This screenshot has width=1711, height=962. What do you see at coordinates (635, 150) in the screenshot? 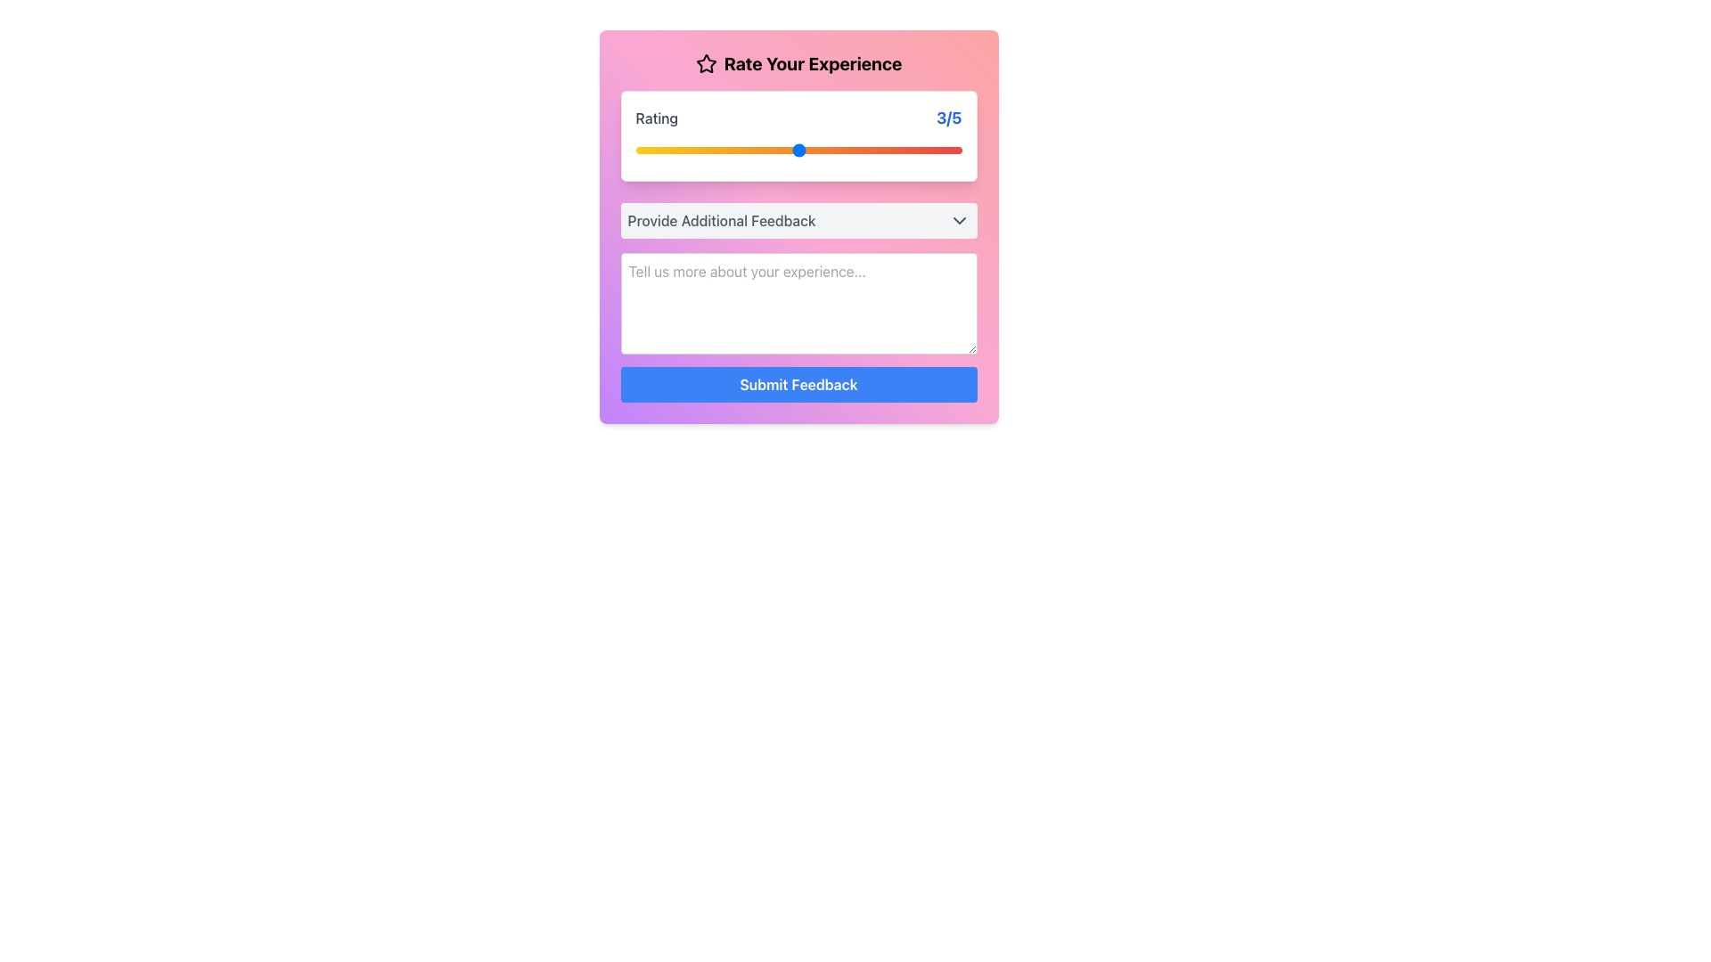
I see `rating slider` at bounding box center [635, 150].